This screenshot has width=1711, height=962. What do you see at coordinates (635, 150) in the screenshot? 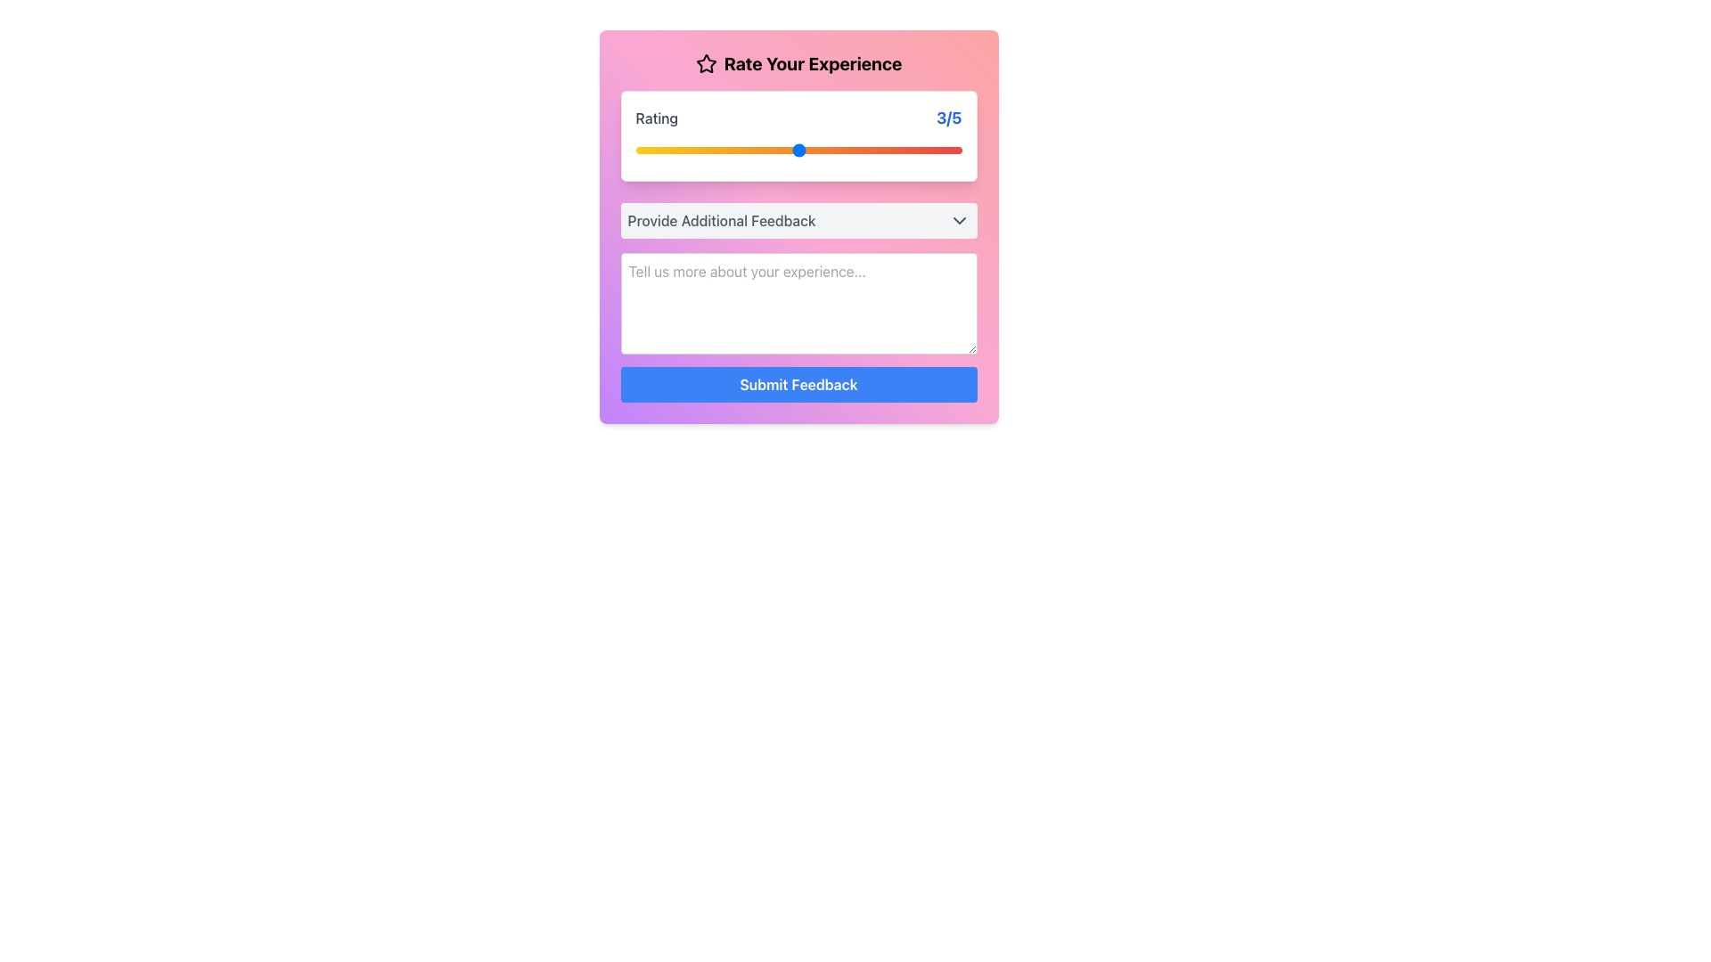
I see `rating slider` at bounding box center [635, 150].